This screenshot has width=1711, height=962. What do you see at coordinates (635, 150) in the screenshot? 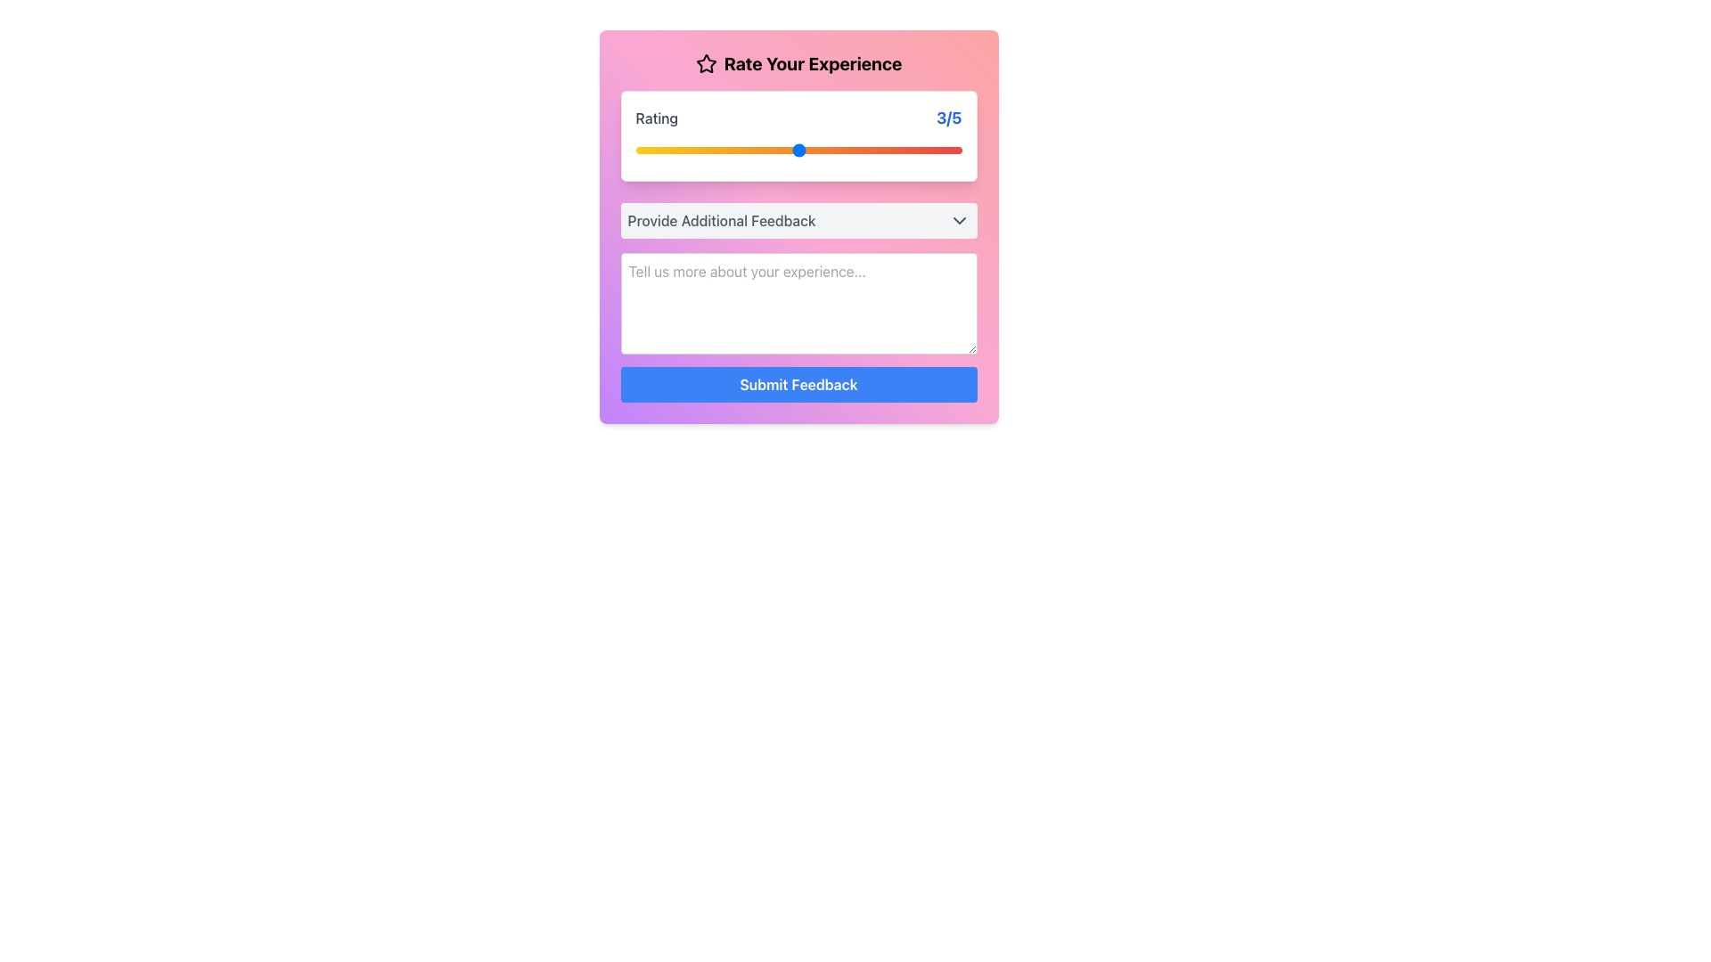
I see `rating slider` at bounding box center [635, 150].